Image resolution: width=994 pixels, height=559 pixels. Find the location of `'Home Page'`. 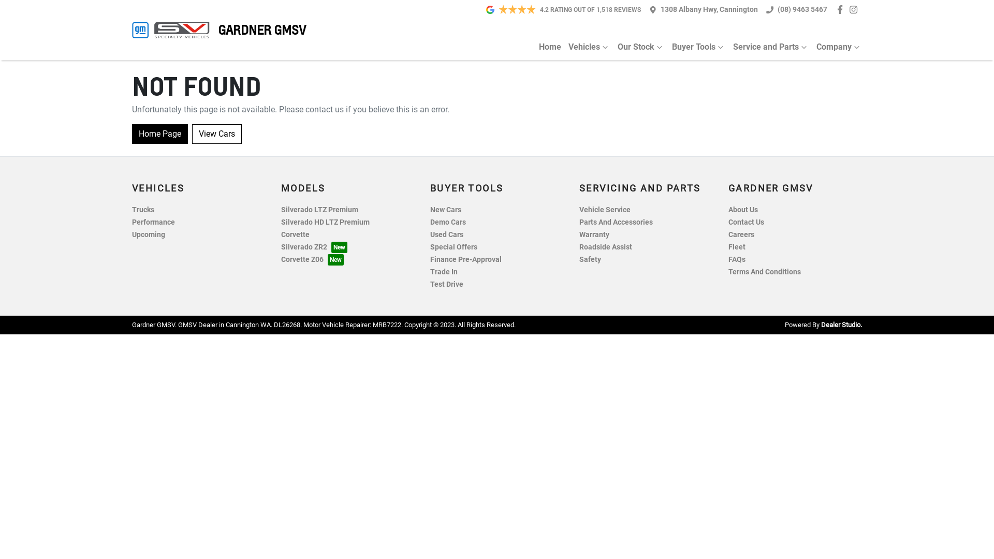

'Home Page' is located at coordinates (159, 133).